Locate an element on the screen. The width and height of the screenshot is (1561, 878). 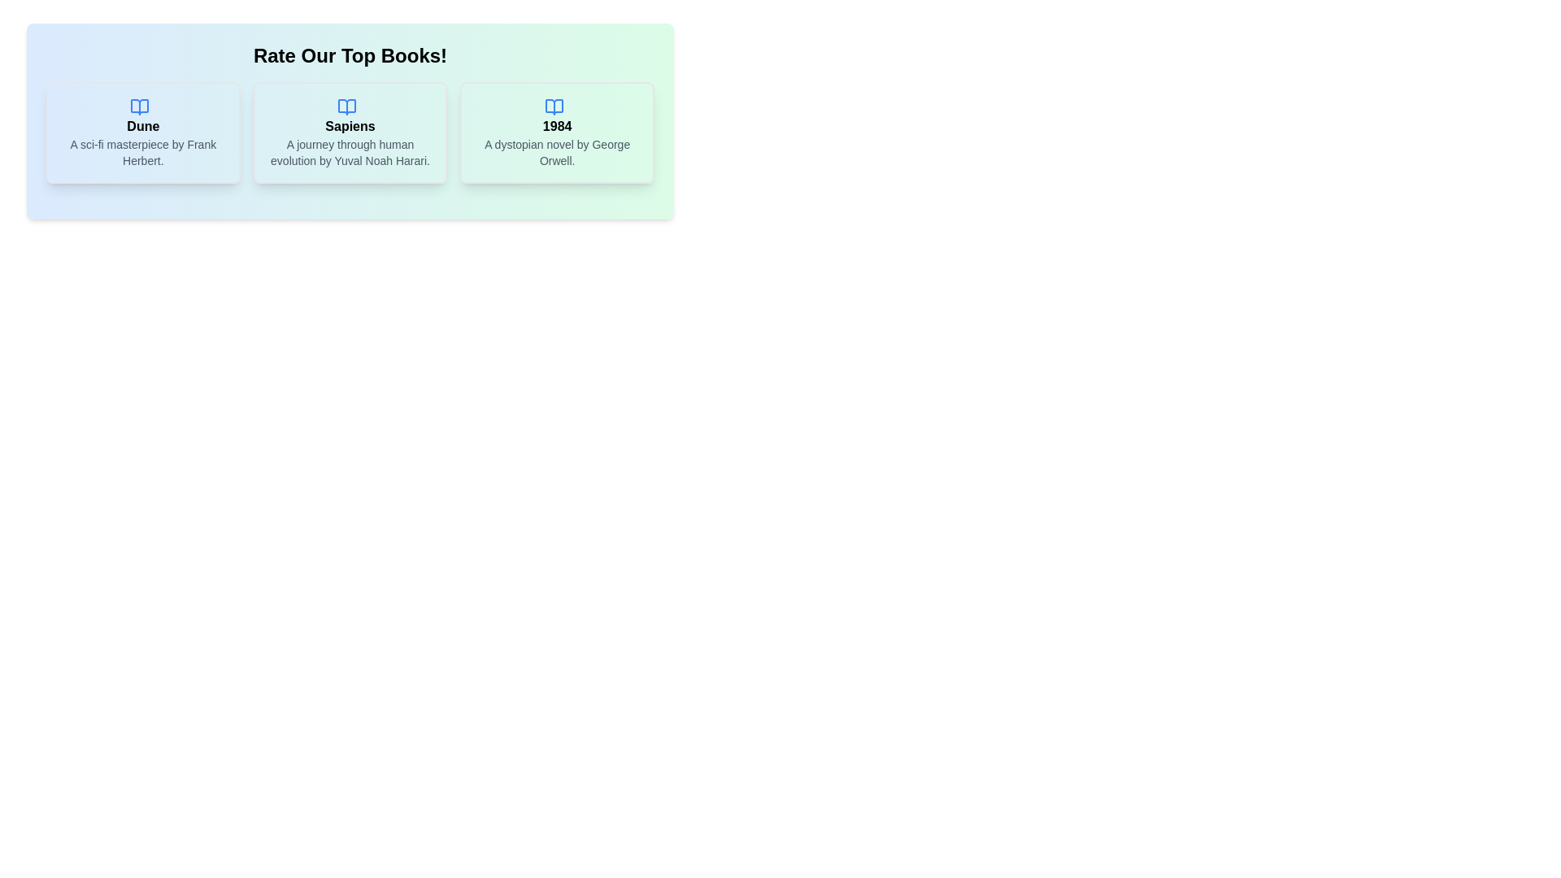
the text label that serves as the title of the book, located in the central card of a three-card layout, positioned below a blue book icon is located at coordinates (350, 125).